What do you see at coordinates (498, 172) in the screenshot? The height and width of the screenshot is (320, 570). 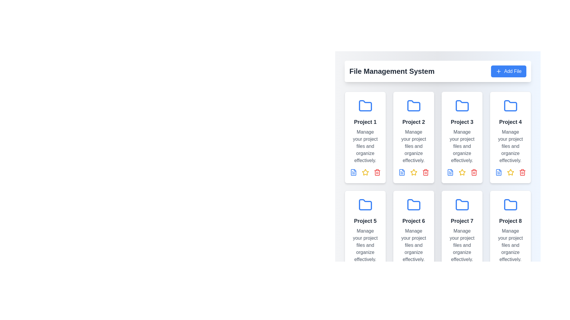 I see `the first interactive icon under the 'Project 4' card in the fourth column of the project grid` at bounding box center [498, 172].